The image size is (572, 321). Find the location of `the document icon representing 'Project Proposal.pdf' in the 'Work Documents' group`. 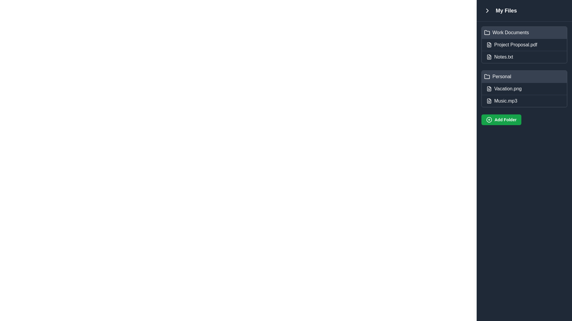

the document icon representing 'Project Proposal.pdf' in the 'Work Documents' group is located at coordinates (489, 44).